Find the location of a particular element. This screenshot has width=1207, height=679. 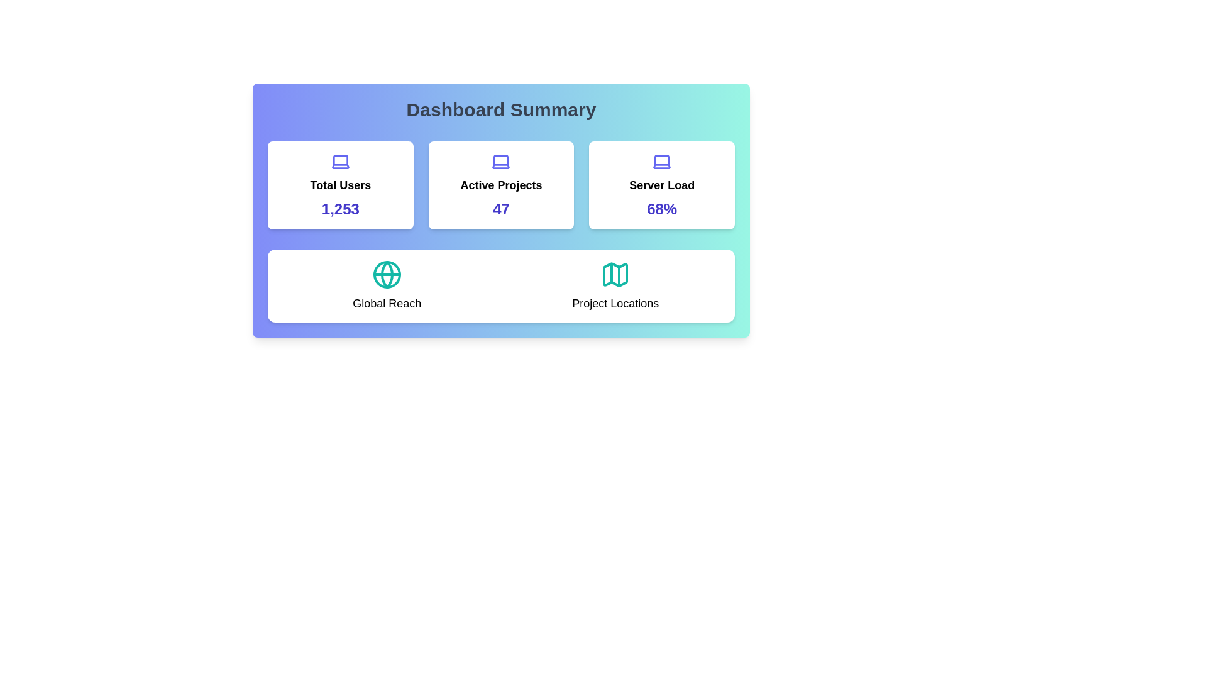

the icon representing the theme of the 'Total Users' card in the 'Dashboard Summary' section, located at the top-left corner of the card, above the text 'Total Users' is located at coordinates (340, 161).